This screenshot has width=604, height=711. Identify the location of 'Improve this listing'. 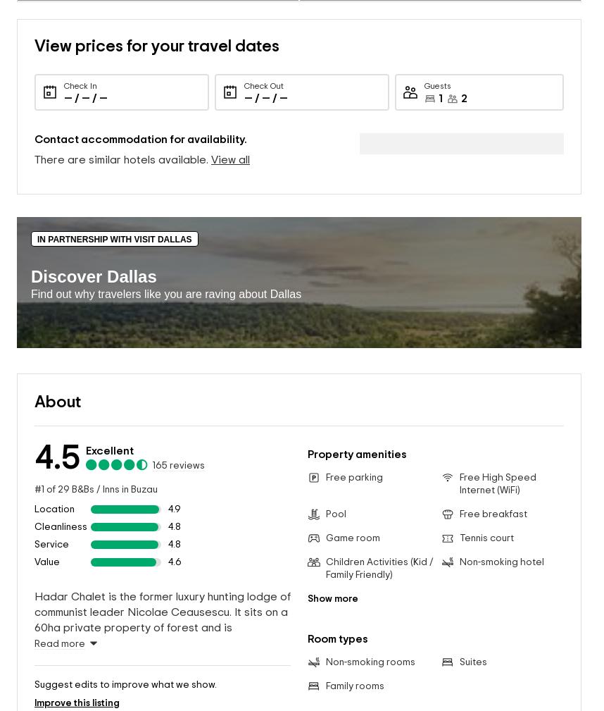
(77, 617).